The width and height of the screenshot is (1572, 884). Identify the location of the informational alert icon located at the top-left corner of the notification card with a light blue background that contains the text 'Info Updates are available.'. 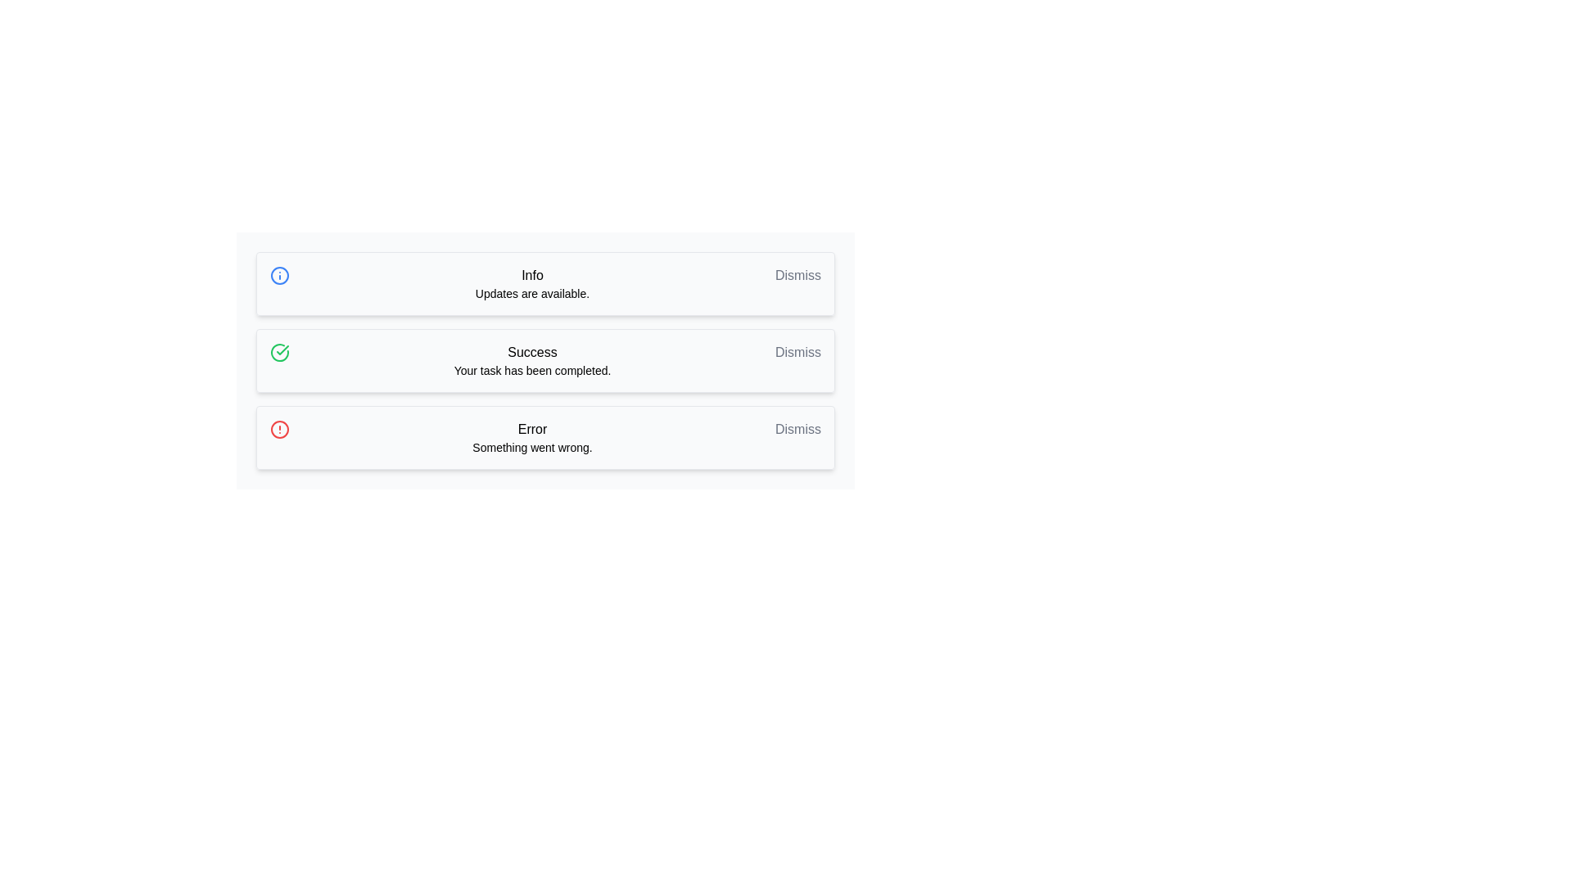
(279, 274).